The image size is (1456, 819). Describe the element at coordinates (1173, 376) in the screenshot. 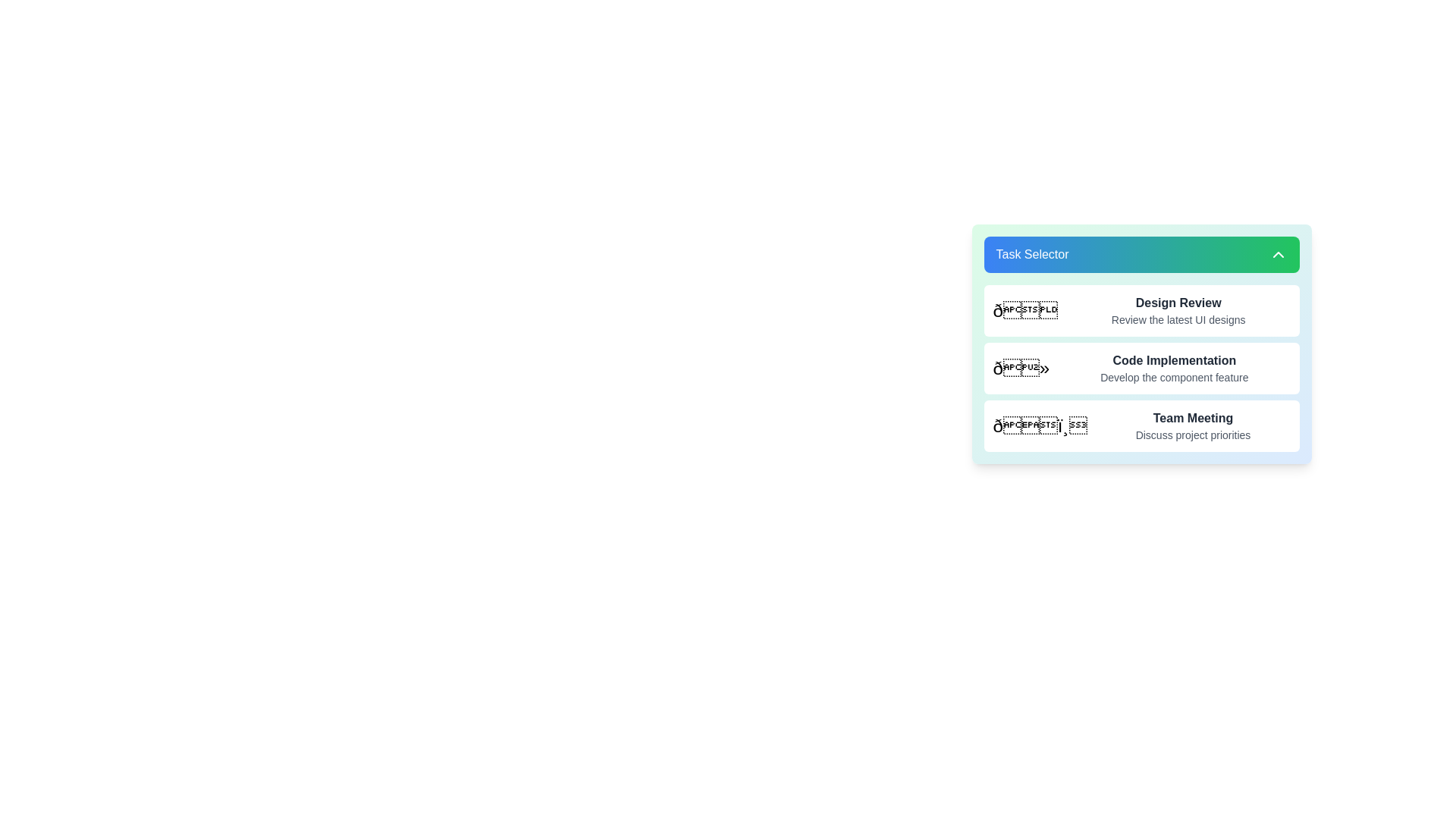

I see `the text label displaying 'Develop the component feature', which is styled plainly in gray 600 and positioned below 'Code Implementation'` at that location.